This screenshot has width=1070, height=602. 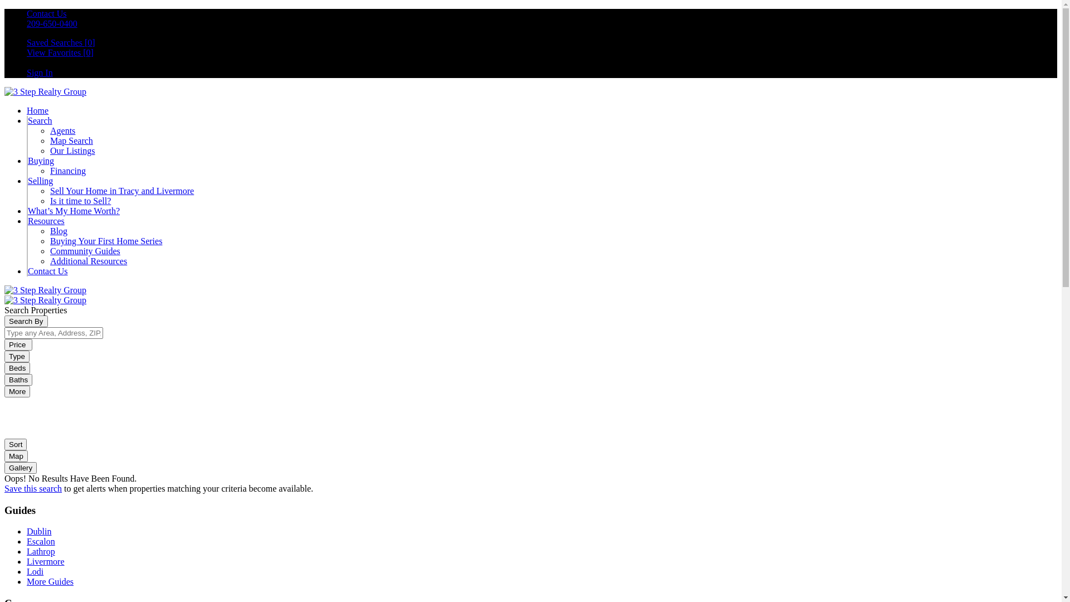 I want to click on 'Selling', so click(x=40, y=180).